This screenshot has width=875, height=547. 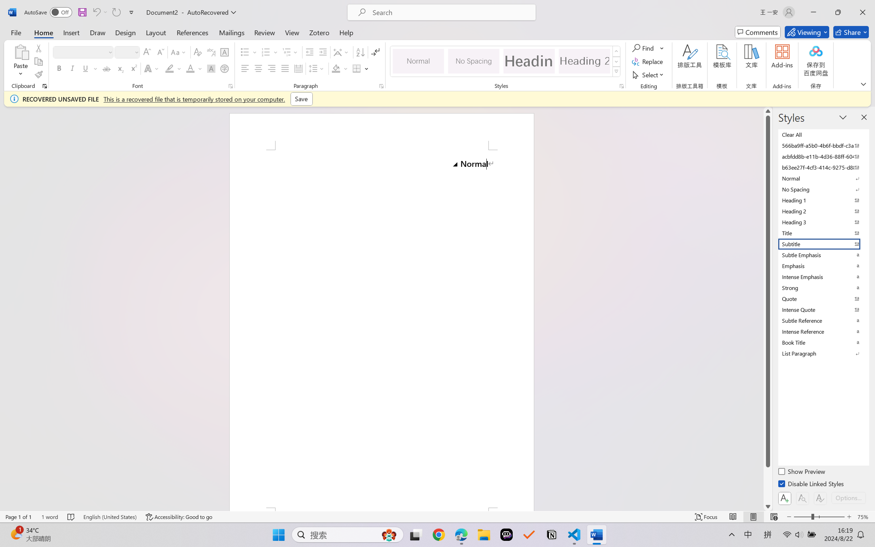 I want to click on 'Bold', so click(x=59, y=68).